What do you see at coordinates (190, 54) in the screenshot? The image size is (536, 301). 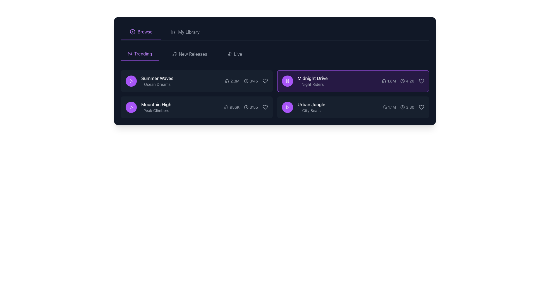 I see `the 'New Releases' button located in the navigation bar, which features a musical note icon and changes color on hover` at bounding box center [190, 54].